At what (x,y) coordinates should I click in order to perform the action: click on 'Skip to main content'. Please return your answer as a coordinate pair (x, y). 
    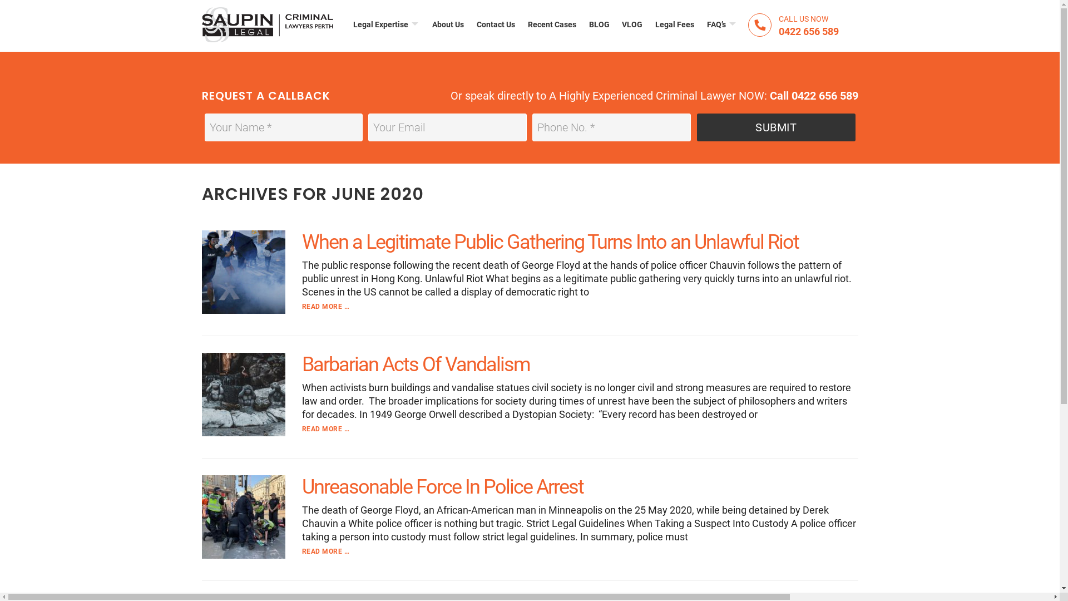
    Looking at the image, I should click on (0, 0).